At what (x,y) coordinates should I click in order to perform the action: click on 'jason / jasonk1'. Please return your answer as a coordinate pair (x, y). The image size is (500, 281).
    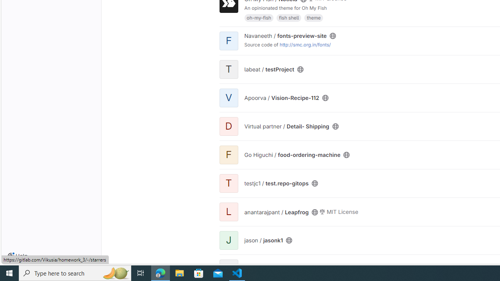
    Looking at the image, I should click on (263, 240).